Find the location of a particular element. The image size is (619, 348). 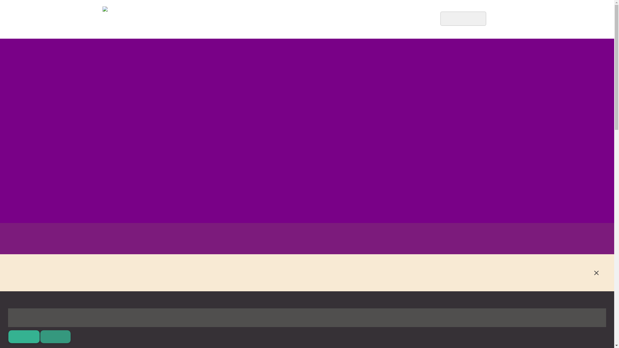

'Things to Know is located at coordinates (304, 19).